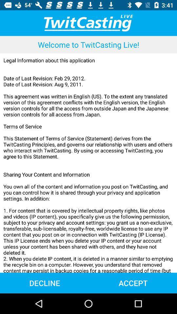 This screenshot has height=314, width=177. I want to click on the icon below the legal information about, so click(133, 283).